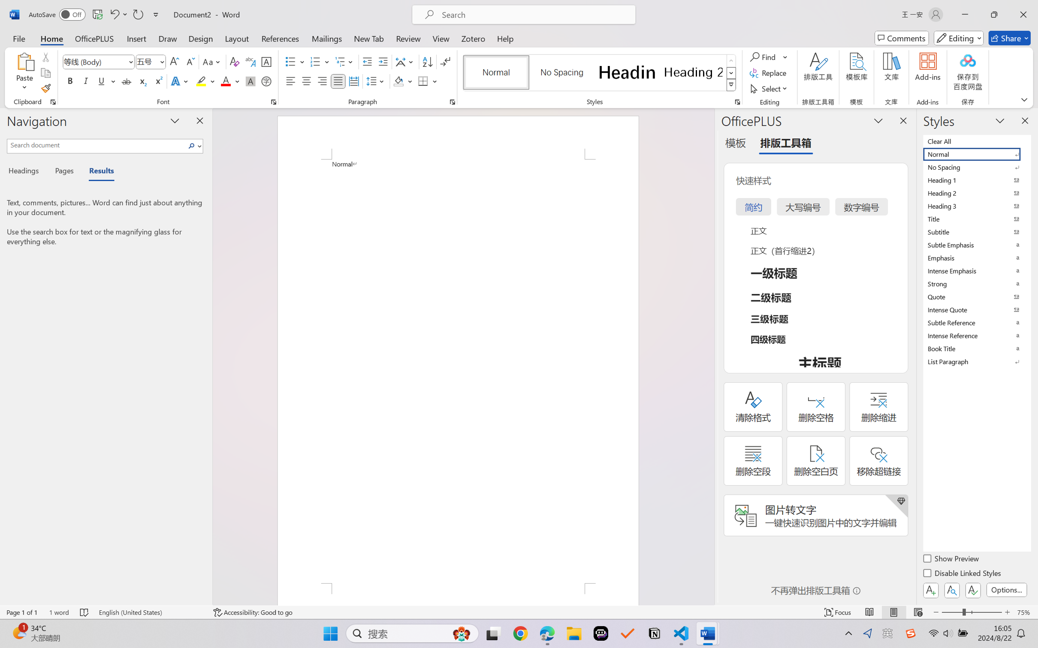  What do you see at coordinates (146, 62) in the screenshot?
I see `'Font Size'` at bounding box center [146, 62].